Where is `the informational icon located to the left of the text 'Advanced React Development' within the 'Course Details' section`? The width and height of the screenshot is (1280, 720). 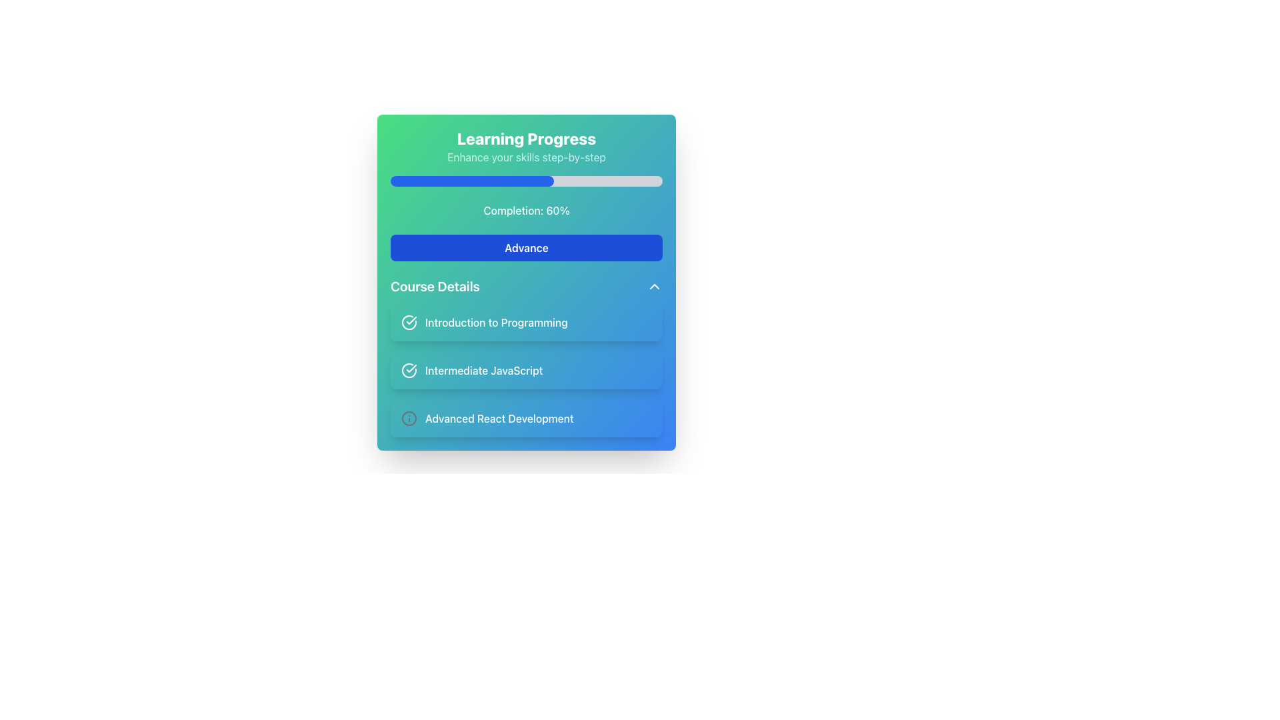 the informational icon located to the left of the text 'Advanced React Development' within the 'Course Details' section is located at coordinates (409, 418).